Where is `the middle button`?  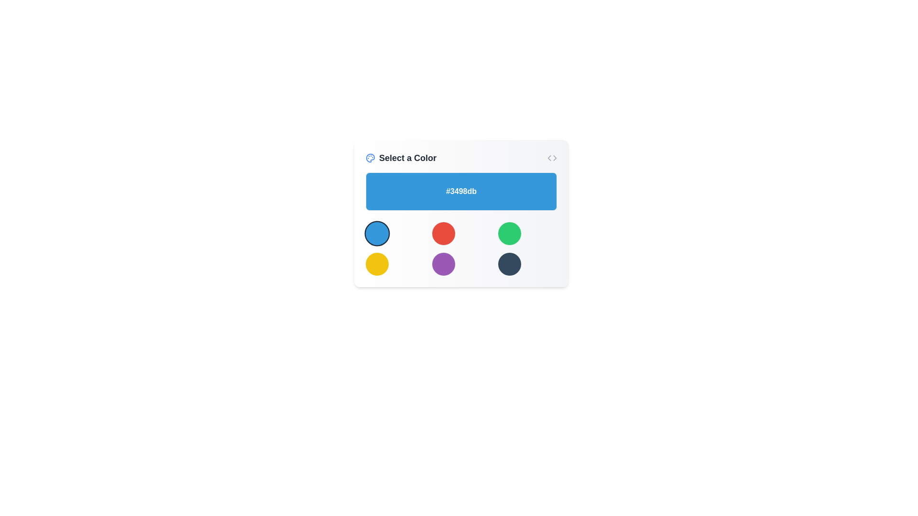 the middle button is located at coordinates (443, 264).